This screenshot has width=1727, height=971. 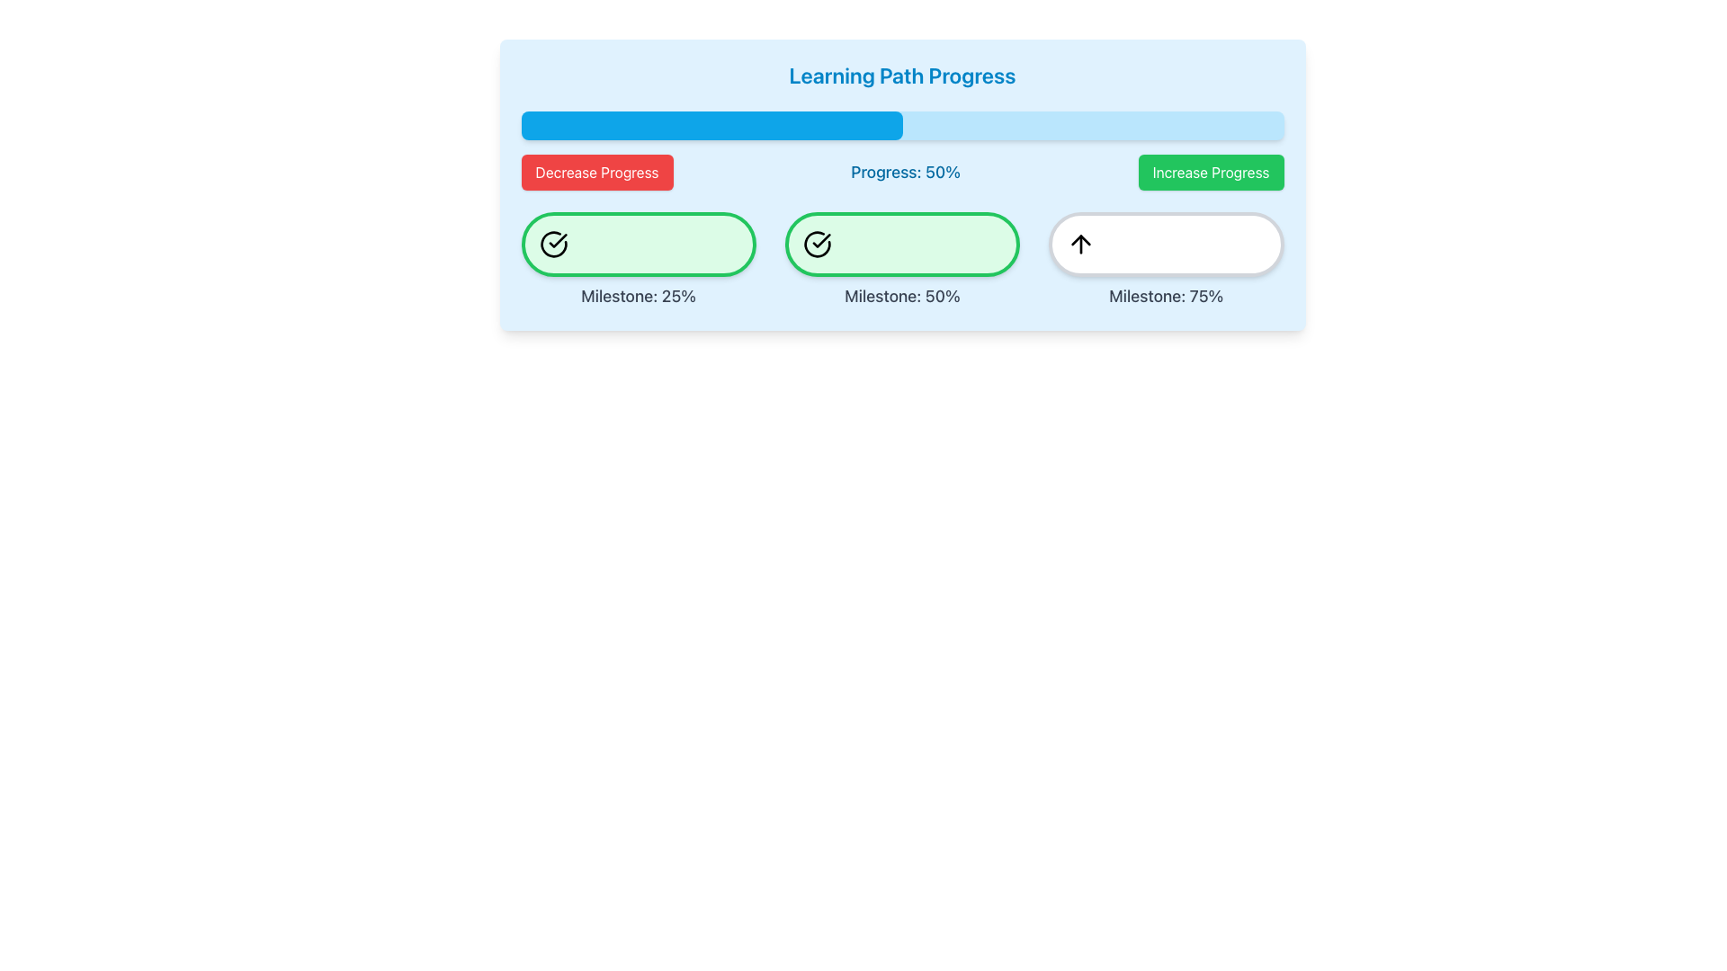 I want to click on the text label displaying 'Milestone: 50%' which is styled in dark gray with a semibold font weight, located centrally below a light green box with a checkmark icon, so click(x=902, y=296).